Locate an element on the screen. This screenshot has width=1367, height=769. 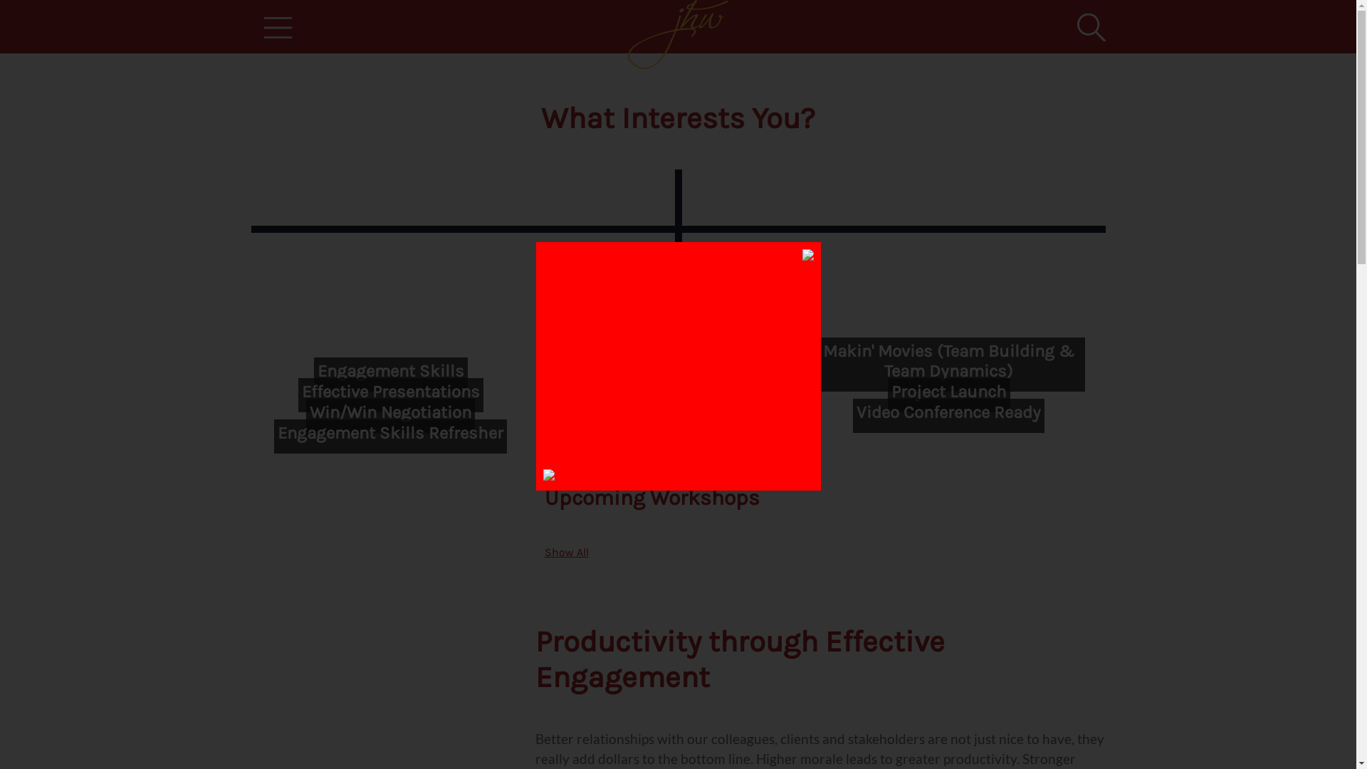
'Show All' is located at coordinates (565, 551).